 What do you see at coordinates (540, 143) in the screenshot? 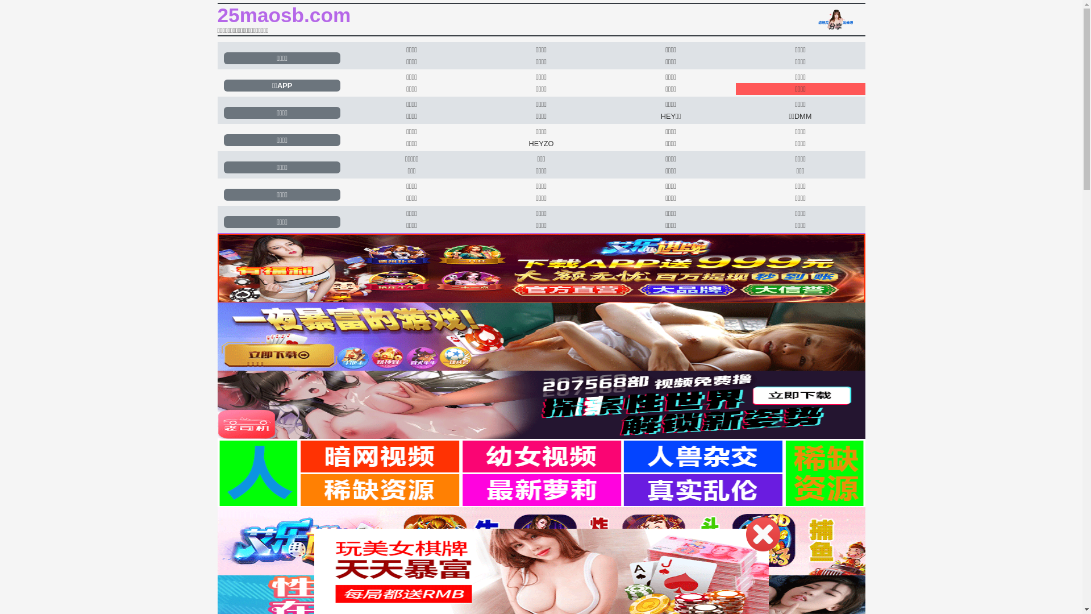
I see `'HEYZO'` at bounding box center [540, 143].